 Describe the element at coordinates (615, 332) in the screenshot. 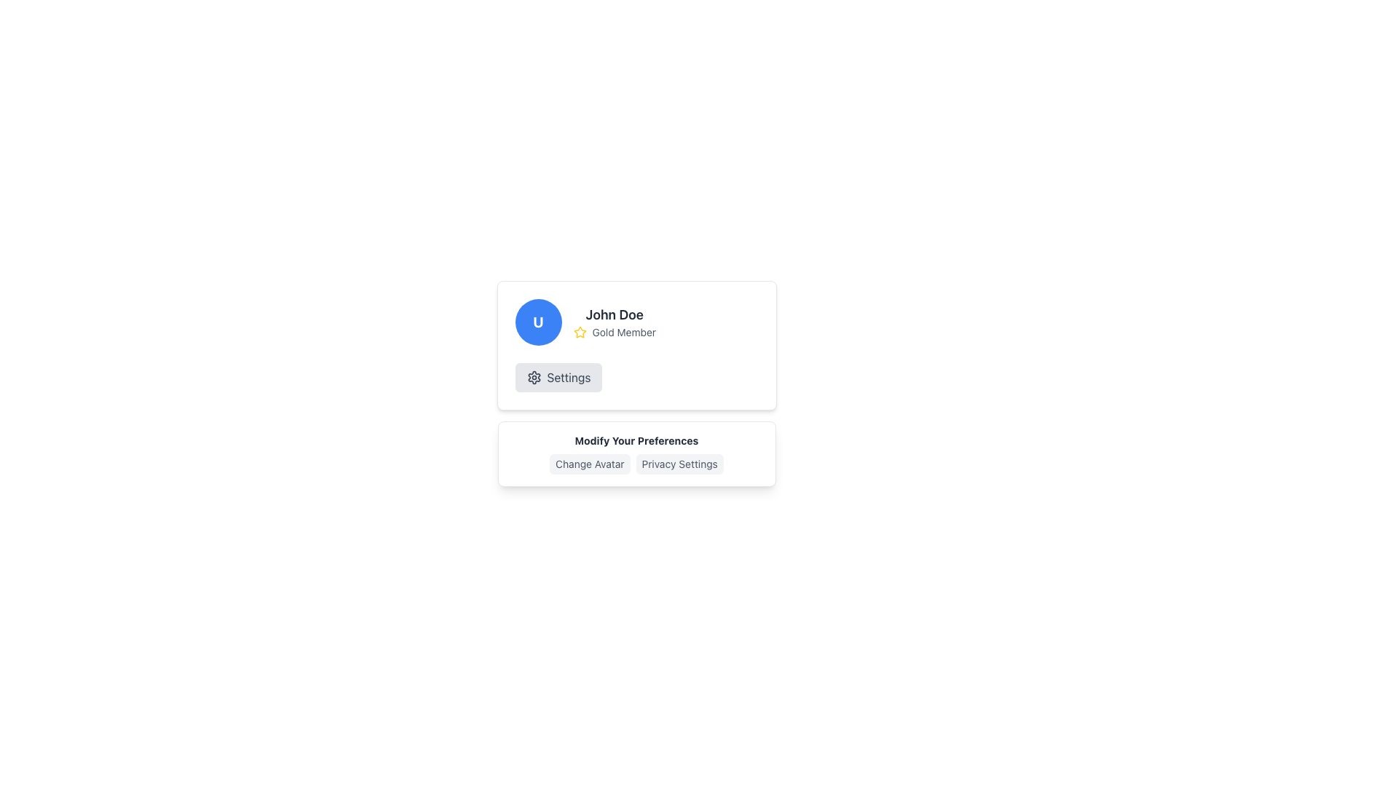

I see `the gold membership indicator, which is a combination of a yellow star icon and the text label 'Gold Member', located directly below the name 'John Doe'` at that location.